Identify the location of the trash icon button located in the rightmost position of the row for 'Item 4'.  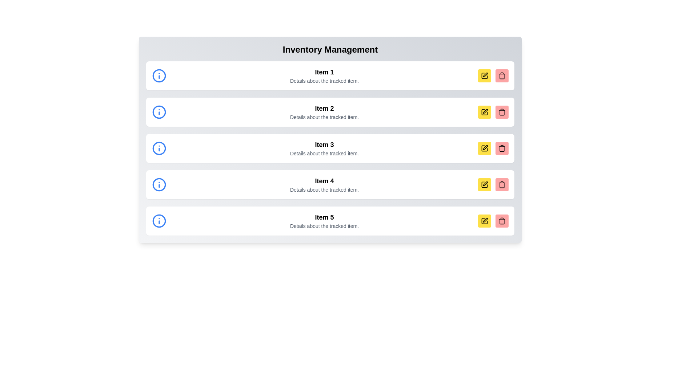
(502, 184).